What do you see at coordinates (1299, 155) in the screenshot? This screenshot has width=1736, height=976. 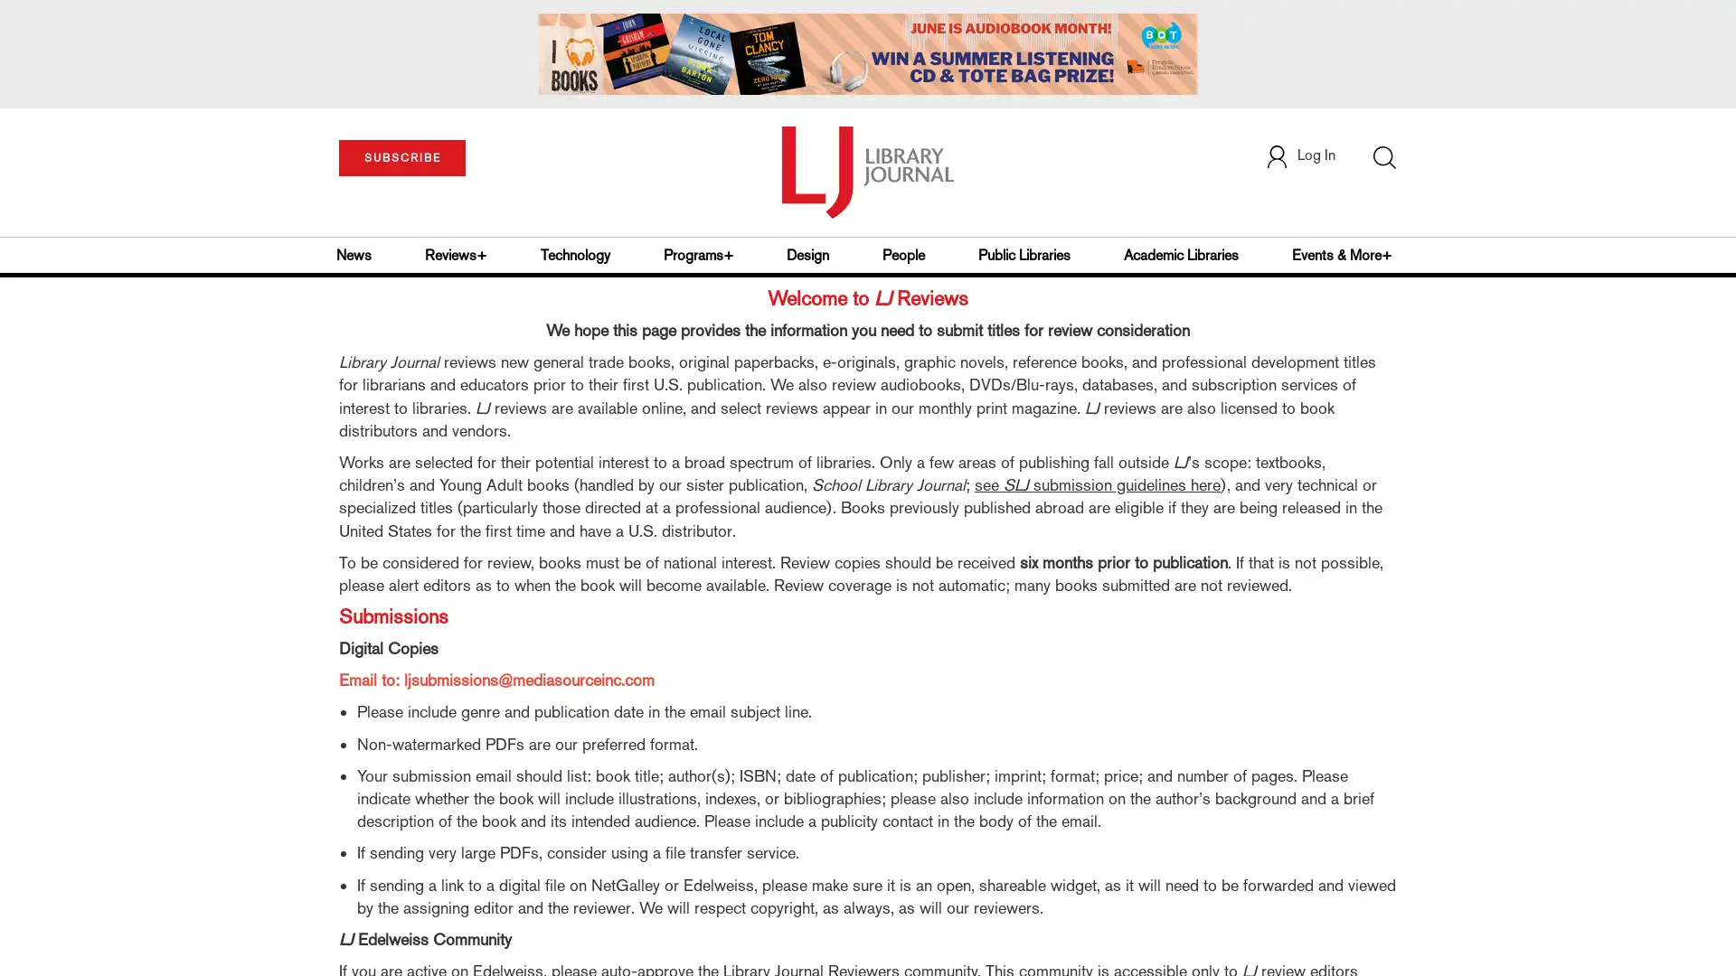 I see `Log In` at bounding box center [1299, 155].